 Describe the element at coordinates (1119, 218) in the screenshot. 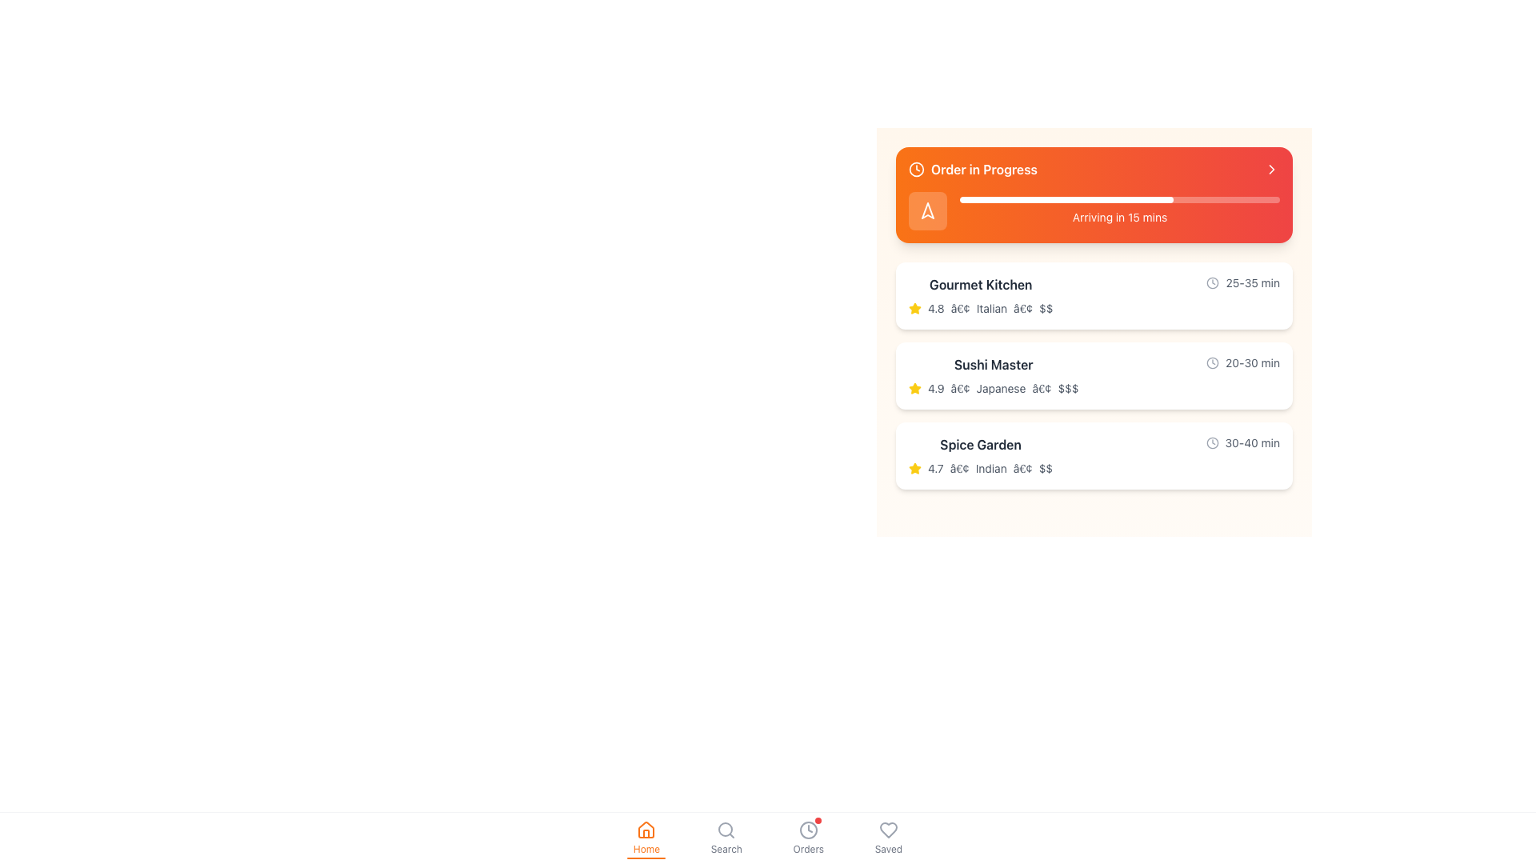

I see `the static text label that displays the estimated delivery or task completion time, positioned below the progress bar in the red-orange gradient card on the right sidebar` at that location.